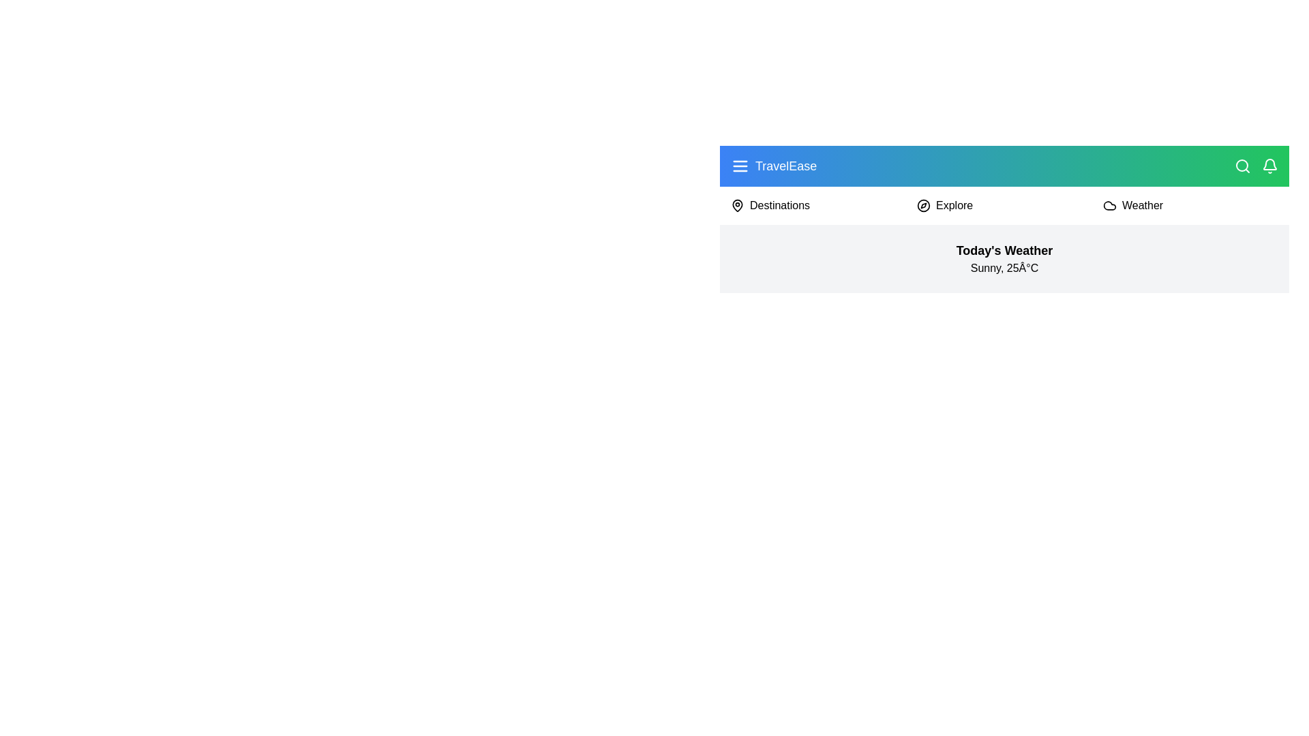  Describe the element at coordinates (1243, 165) in the screenshot. I see `the search icon to initiate a search action` at that location.